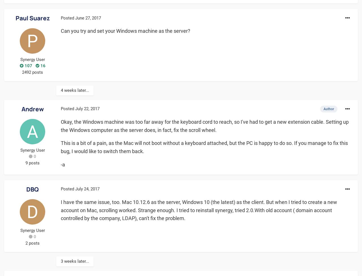  Describe the element at coordinates (88, 18) in the screenshot. I see `'June 27, 2017'` at that location.